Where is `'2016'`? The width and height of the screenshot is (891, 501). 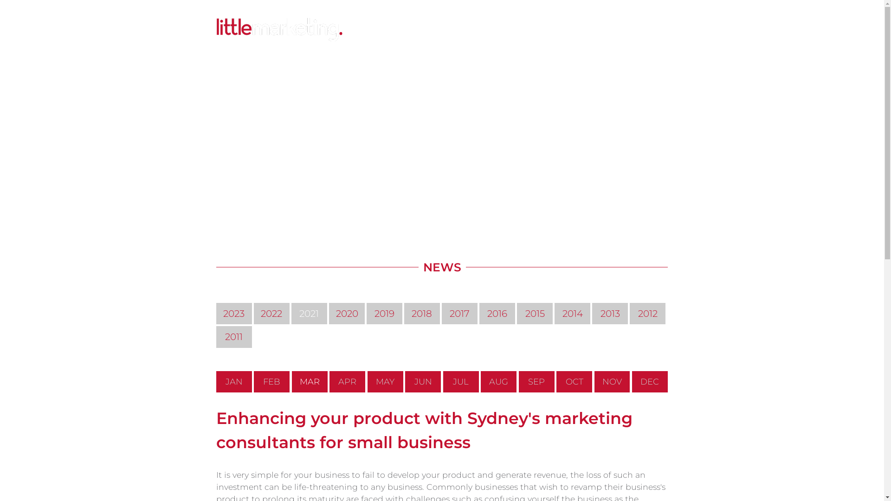 '2016' is located at coordinates (497, 313).